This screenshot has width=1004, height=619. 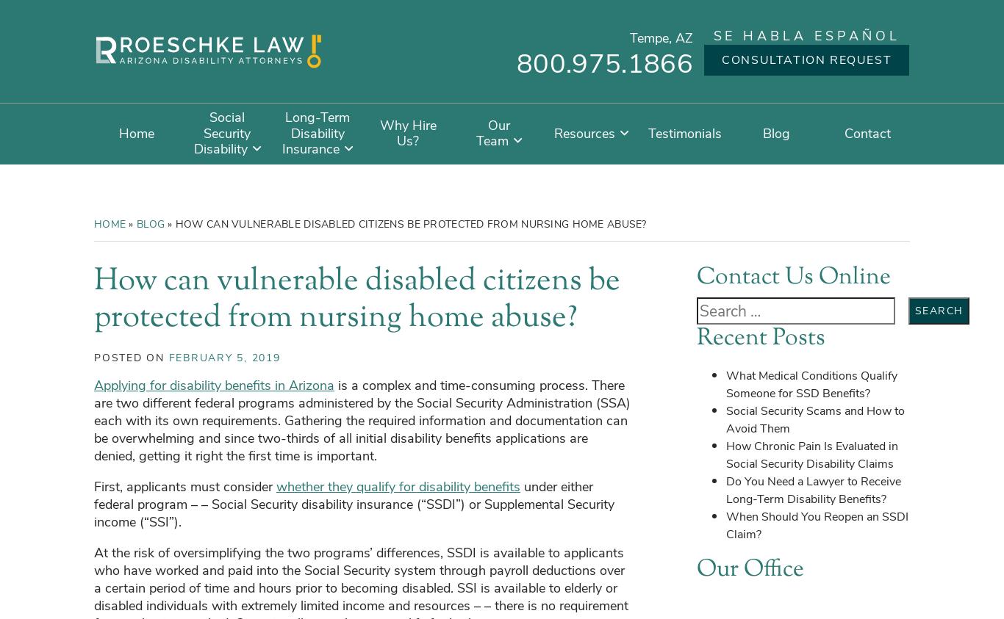 What do you see at coordinates (684, 37) in the screenshot?
I see `'AZ'` at bounding box center [684, 37].